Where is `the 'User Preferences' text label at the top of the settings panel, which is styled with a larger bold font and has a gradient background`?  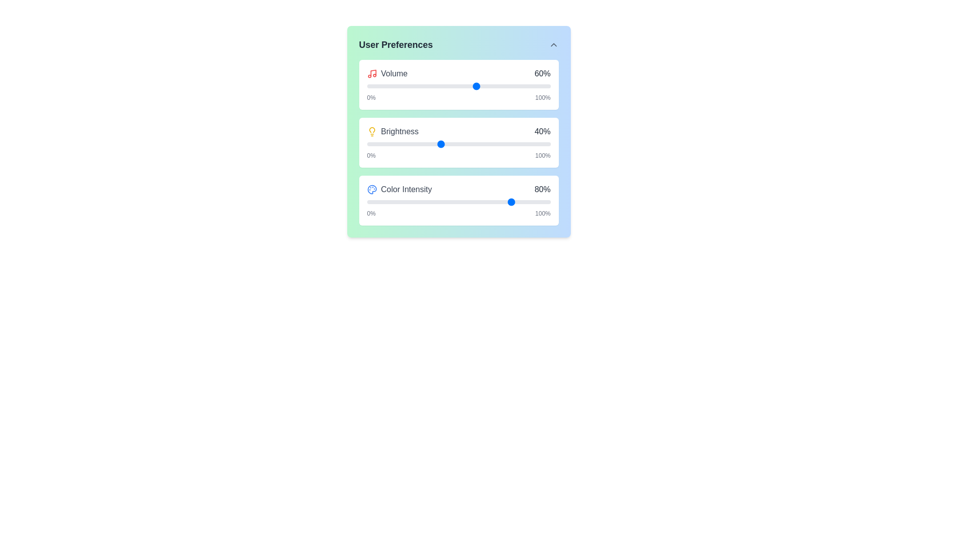
the 'User Preferences' text label at the top of the settings panel, which is styled with a larger bold font and has a gradient background is located at coordinates (395, 44).